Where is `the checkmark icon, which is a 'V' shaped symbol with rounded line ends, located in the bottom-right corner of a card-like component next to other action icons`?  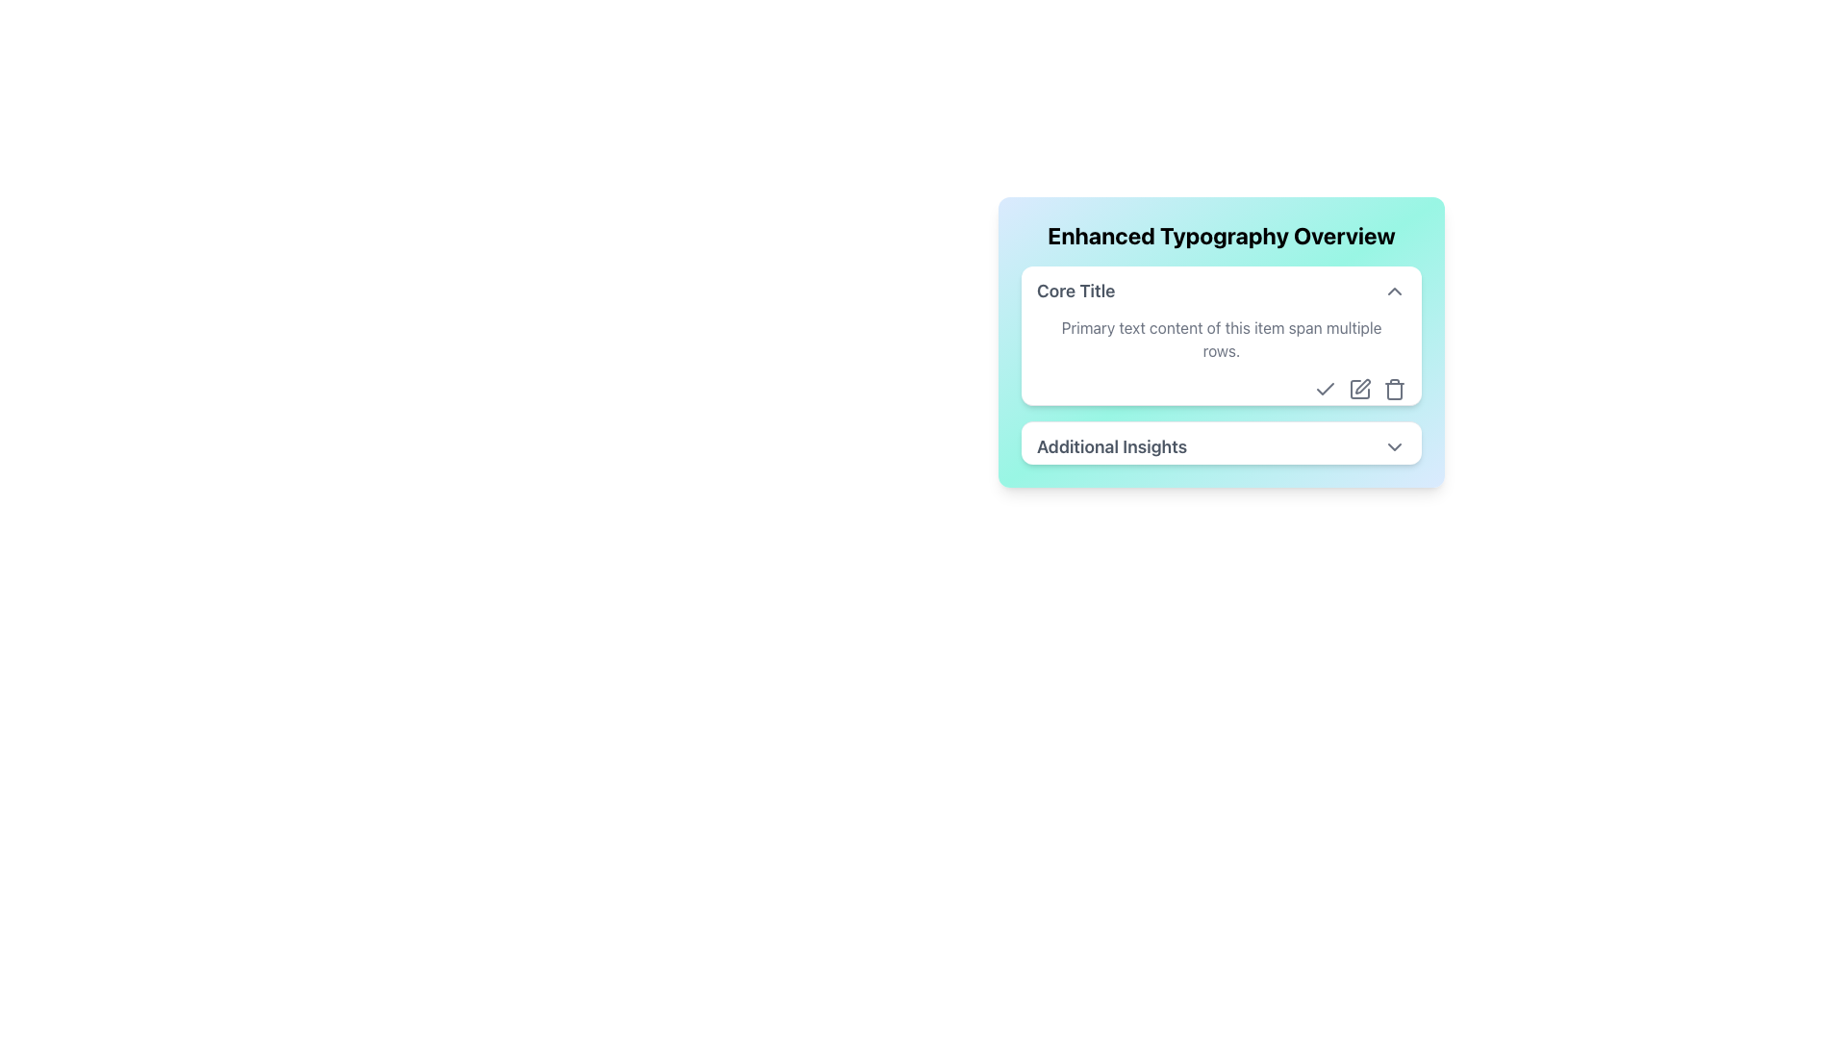
the checkmark icon, which is a 'V' shaped symbol with rounded line ends, located in the bottom-right corner of a card-like component next to other action icons is located at coordinates (1324, 389).